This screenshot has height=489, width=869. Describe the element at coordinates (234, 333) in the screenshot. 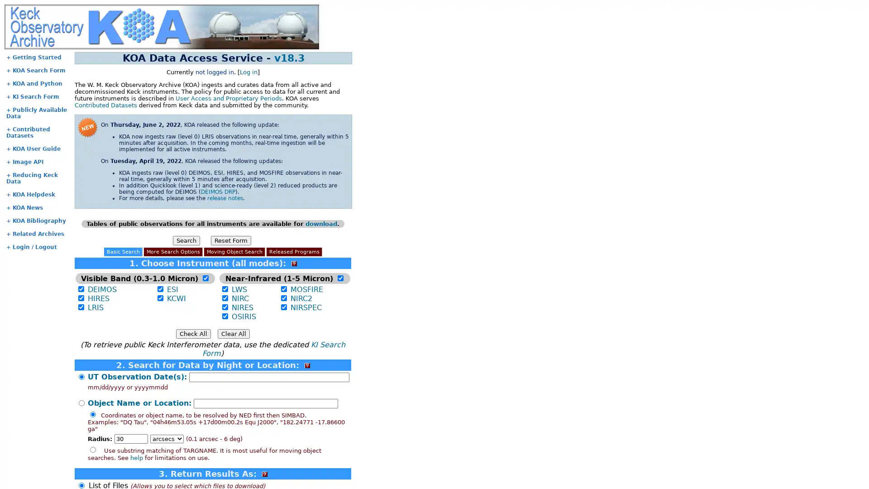

I see `Clear All` at that location.